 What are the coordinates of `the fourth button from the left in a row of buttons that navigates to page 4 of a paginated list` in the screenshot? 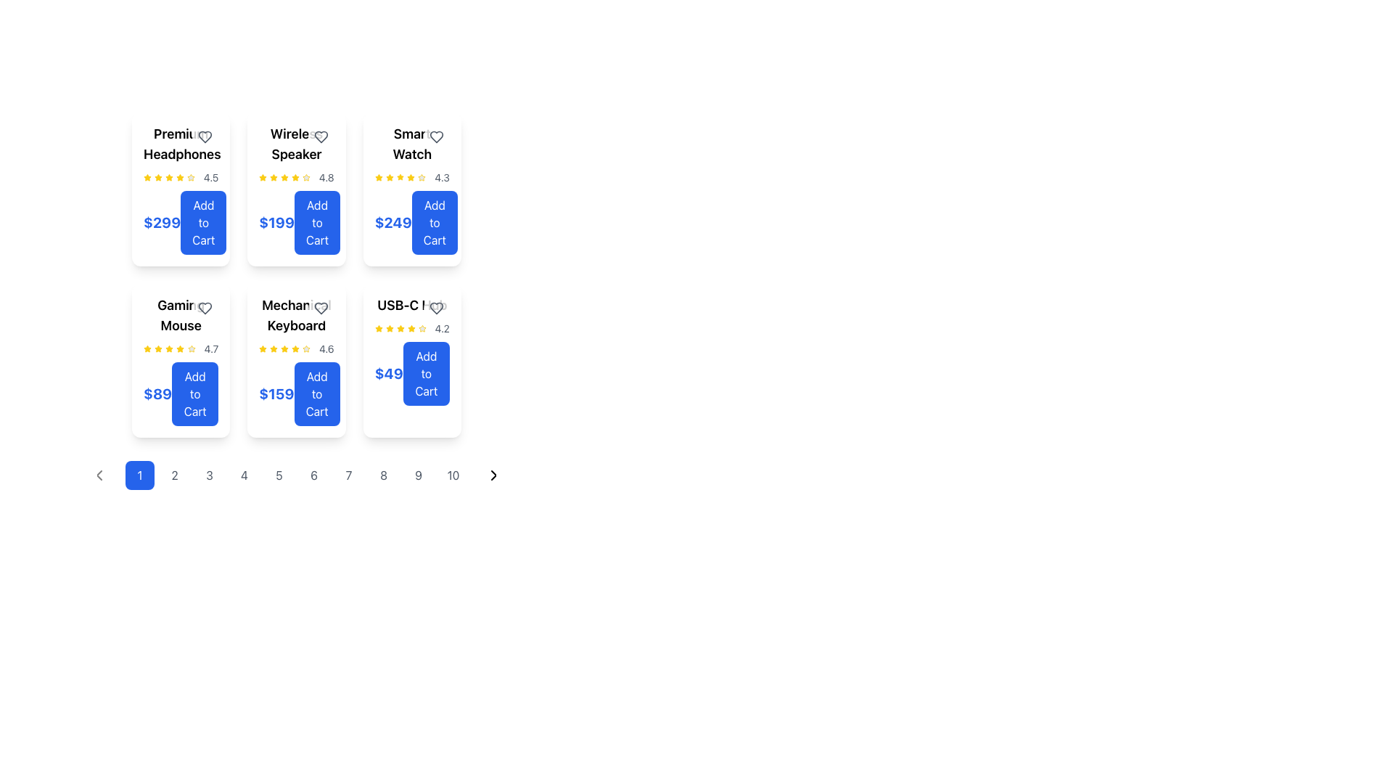 It's located at (244, 475).